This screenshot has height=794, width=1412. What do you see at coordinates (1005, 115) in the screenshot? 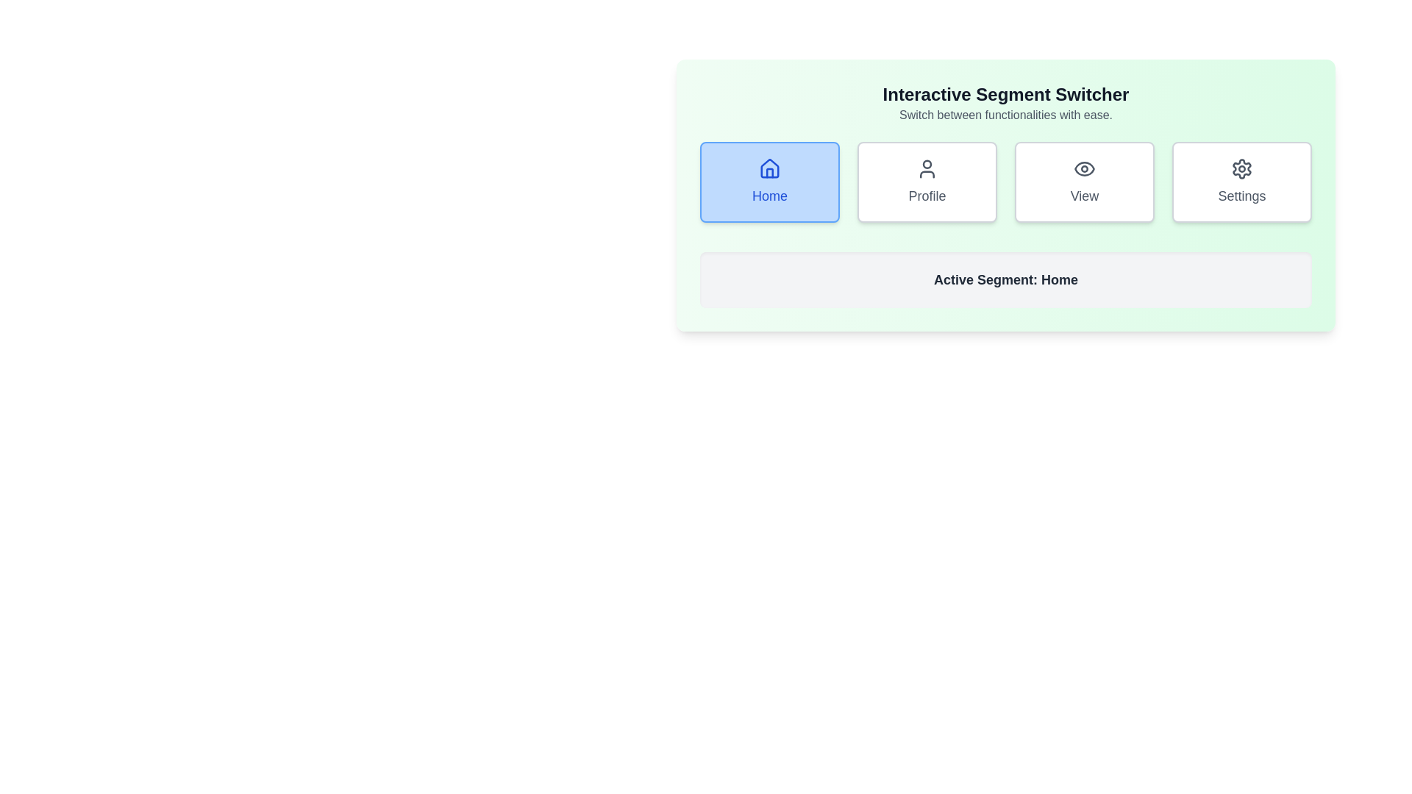
I see `the text block displaying 'Switch between functionalities with ease.' which is positioned below the heading 'Interactive Segment Switcher.' in a light green background` at bounding box center [1005, 115].